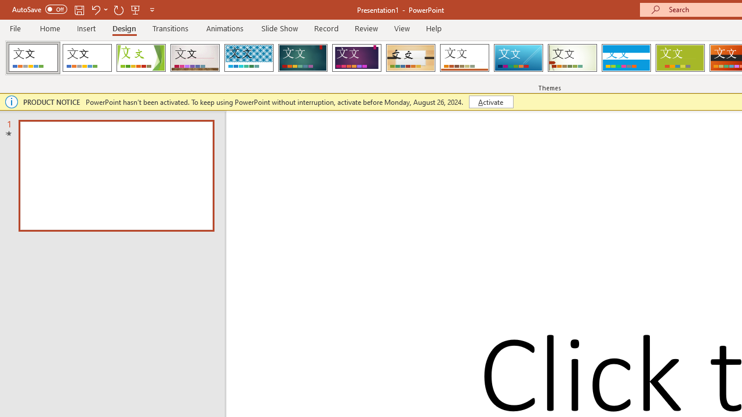 This screenshot has height=417, width=742. What do you see at coordinates (518, 58) in the screenshot?
I see `'Slice'` at bounding box center [518, 58].